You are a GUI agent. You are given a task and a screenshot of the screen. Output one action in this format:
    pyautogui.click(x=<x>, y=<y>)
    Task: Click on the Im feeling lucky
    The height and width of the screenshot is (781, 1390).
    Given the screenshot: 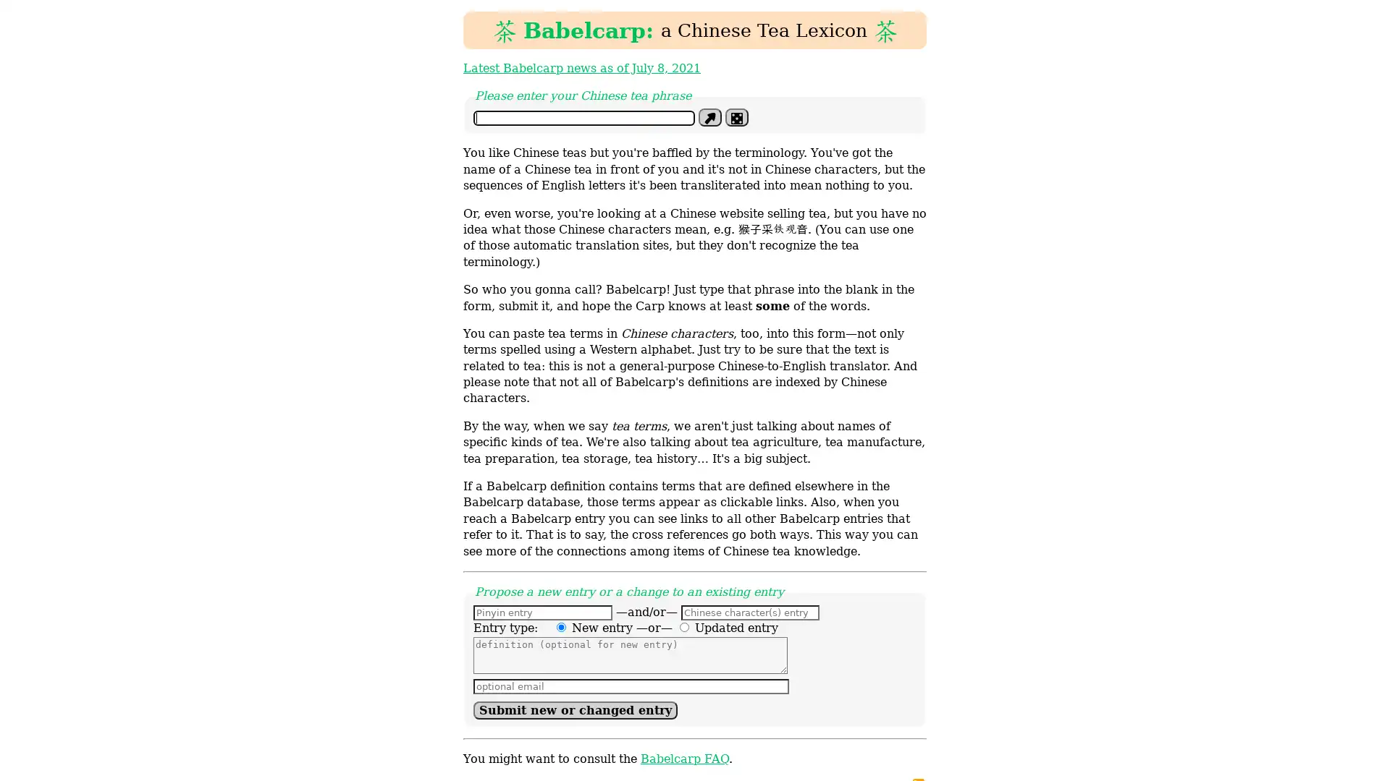 What is the action you would take?
    pyautogui.click(x=736, y=116)
    